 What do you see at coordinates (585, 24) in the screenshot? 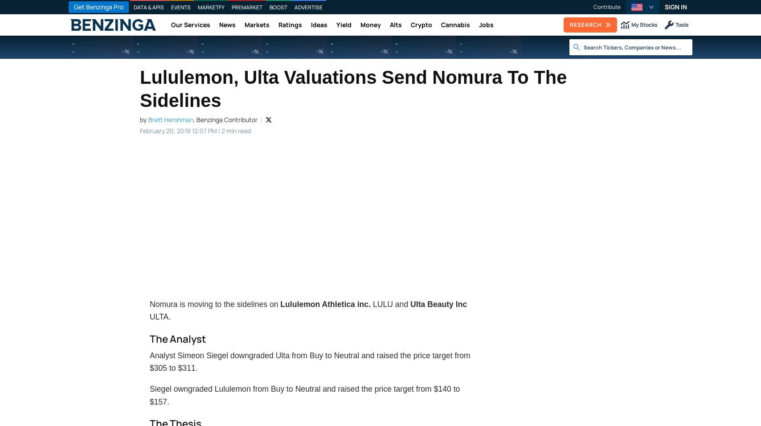
I see `'Research'` at bounding box center [585, 24].